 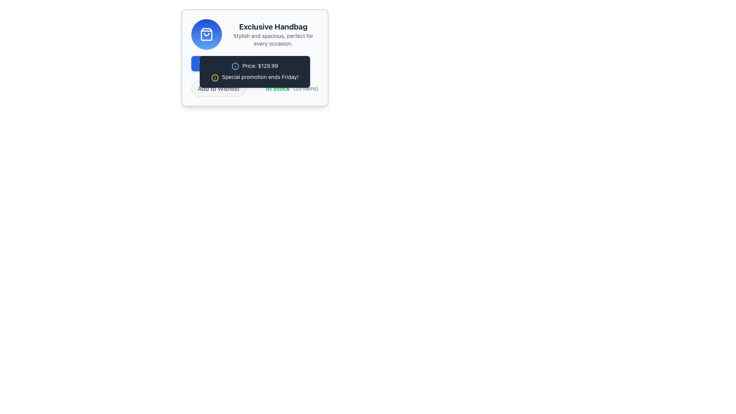 What do you see at coordinates (305, 88) in the screenshot?
I see `the small gray text label '(25 items)' located to the right of the bold green 'In Stock' text` at bounding box center [305, 88].